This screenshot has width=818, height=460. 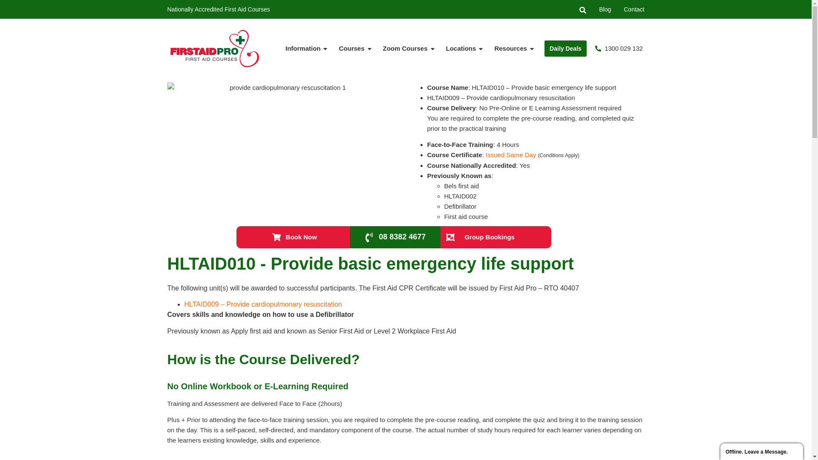 I want to click on 'Information', so click(x=307, y=49).